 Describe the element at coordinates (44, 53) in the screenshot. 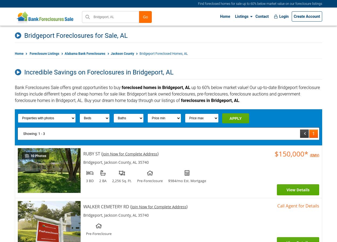

I see `'Foreclosure Listings'` at that location.